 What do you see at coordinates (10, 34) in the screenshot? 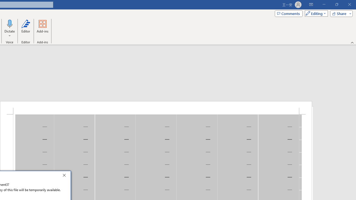
I see `'More Options'` at bounding box center [10, 34].